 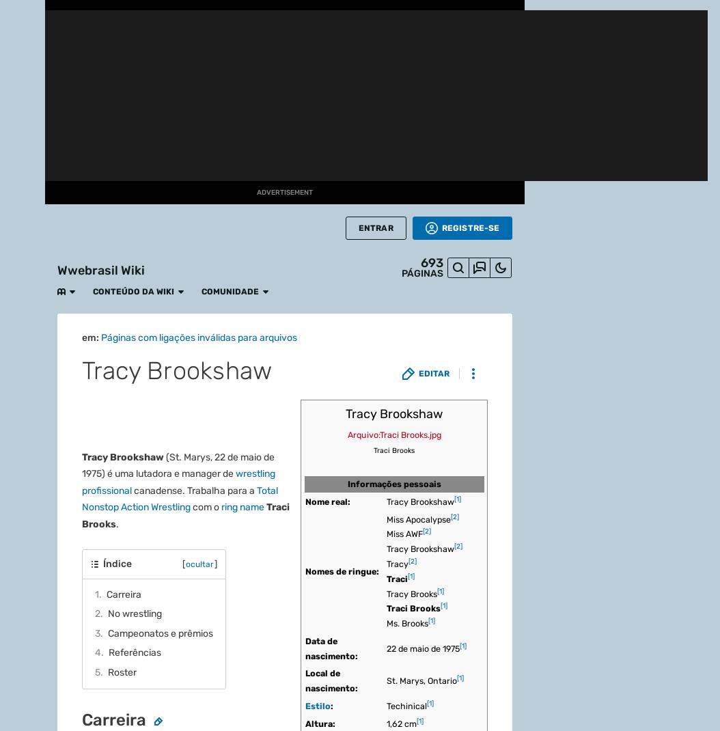 What do you see at coordinates (147, 91) in the screenshot?
I see `'Jeremy Borash'` at bounding box center [147, 91].